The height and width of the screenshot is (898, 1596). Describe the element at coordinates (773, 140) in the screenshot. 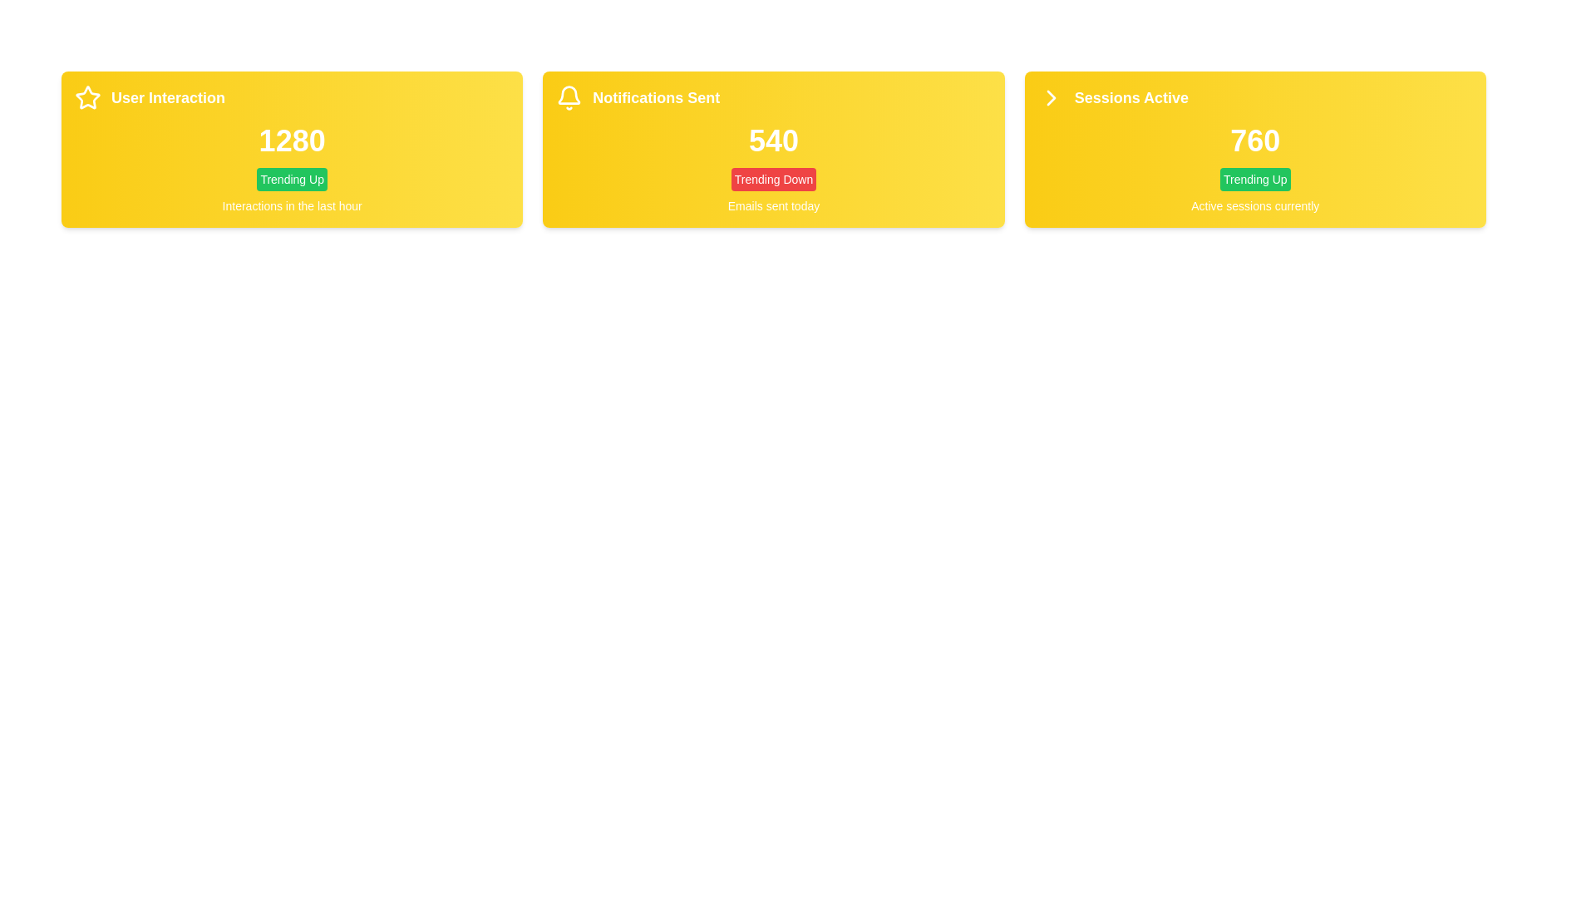

I see `the Text Display that shows the number of notifications sent, located in the middle of the yellow panel titled 'Notifications Sent'` at that location.